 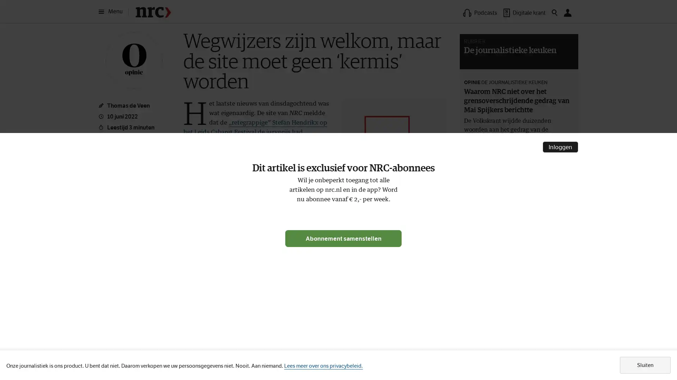 I want to click on Opslaan in leeslijst, so click(x=127, y=144).